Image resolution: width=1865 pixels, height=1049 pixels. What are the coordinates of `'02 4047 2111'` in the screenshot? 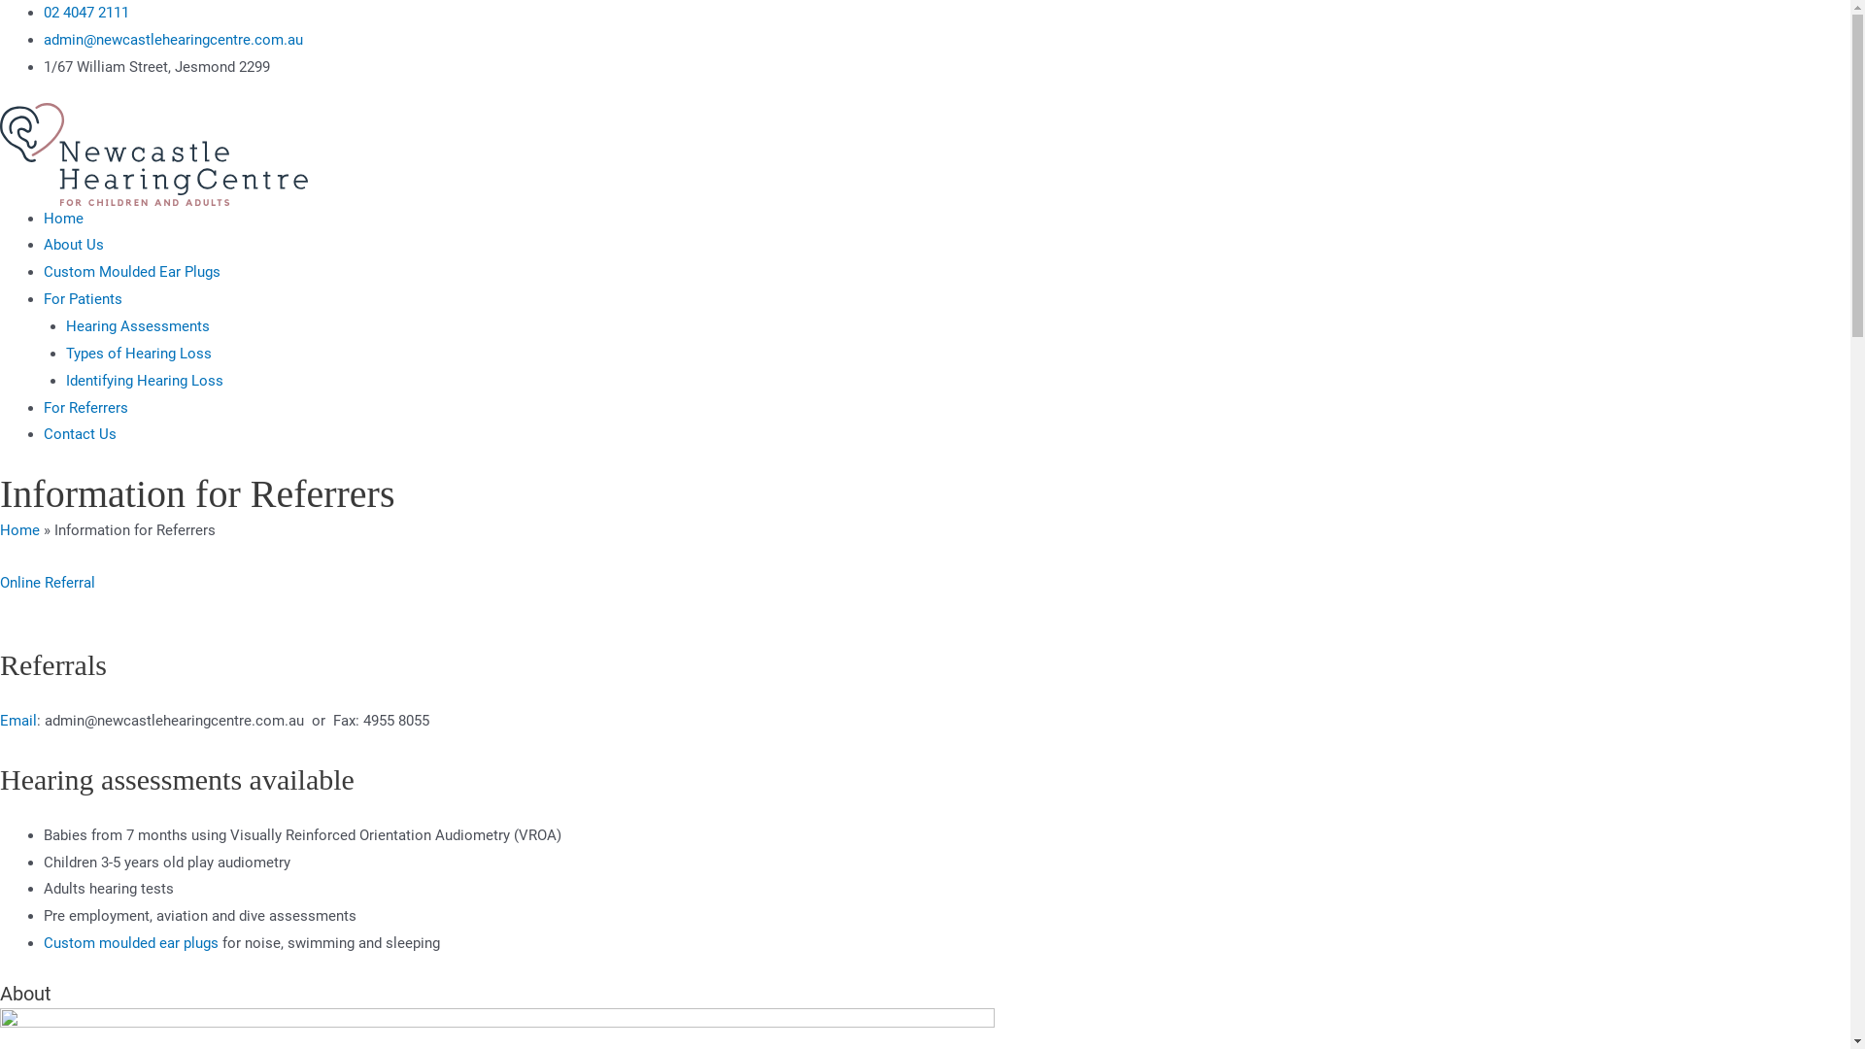 It's located at (85, 12).